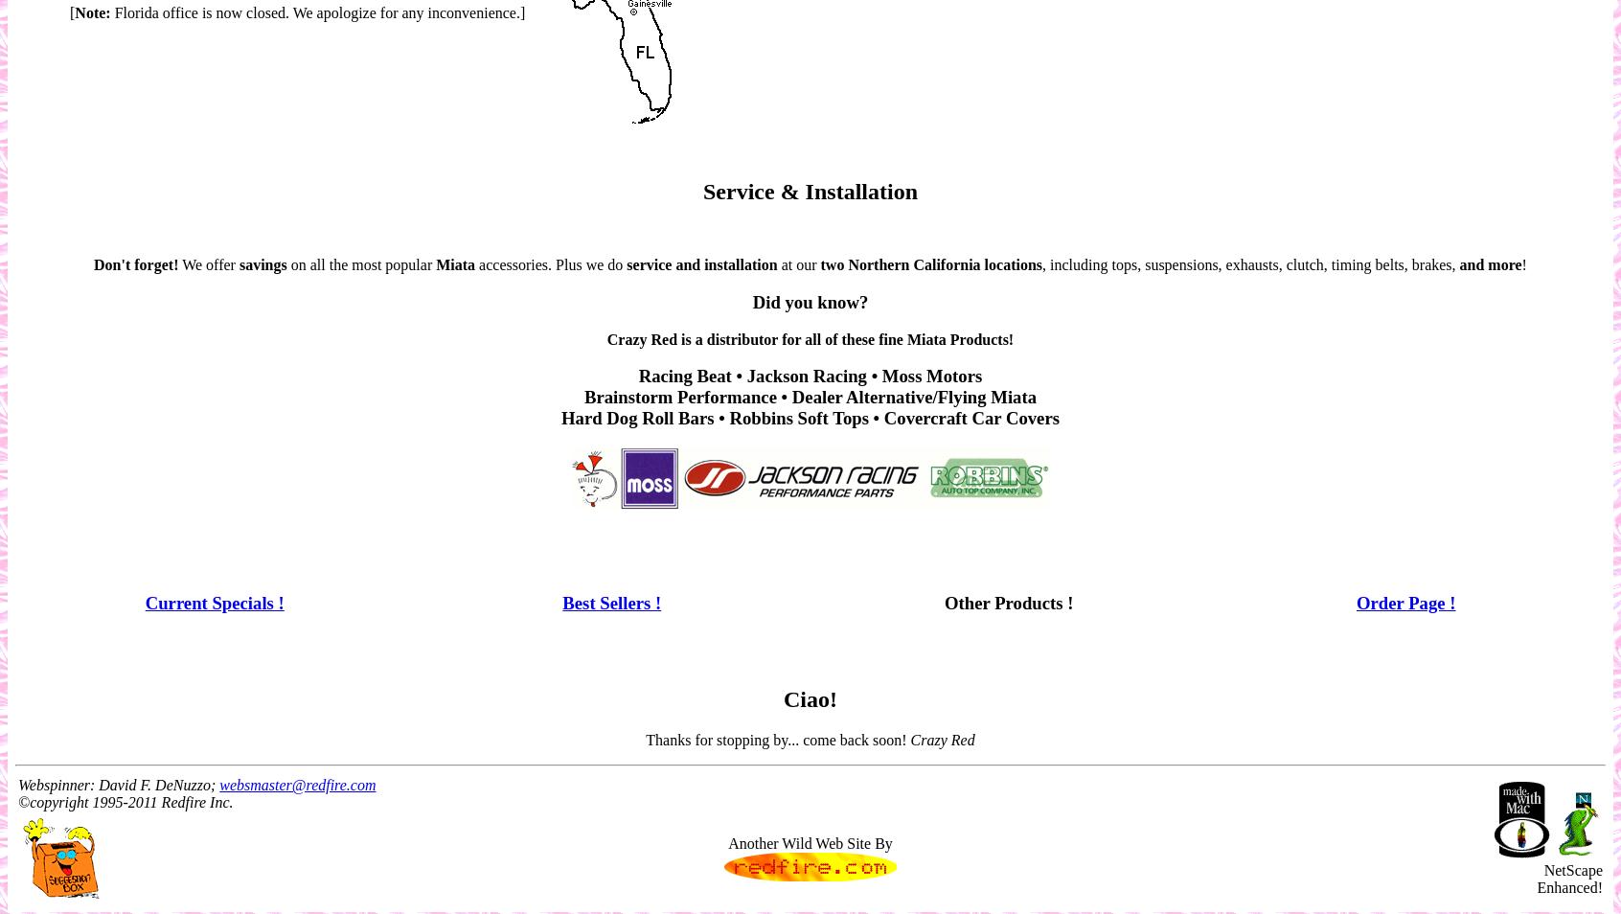 The image size is (1621, 914). Describe the element at coordinates (549, 264) in the screenshot. I see `'accessories. Plus we do'` at that location.